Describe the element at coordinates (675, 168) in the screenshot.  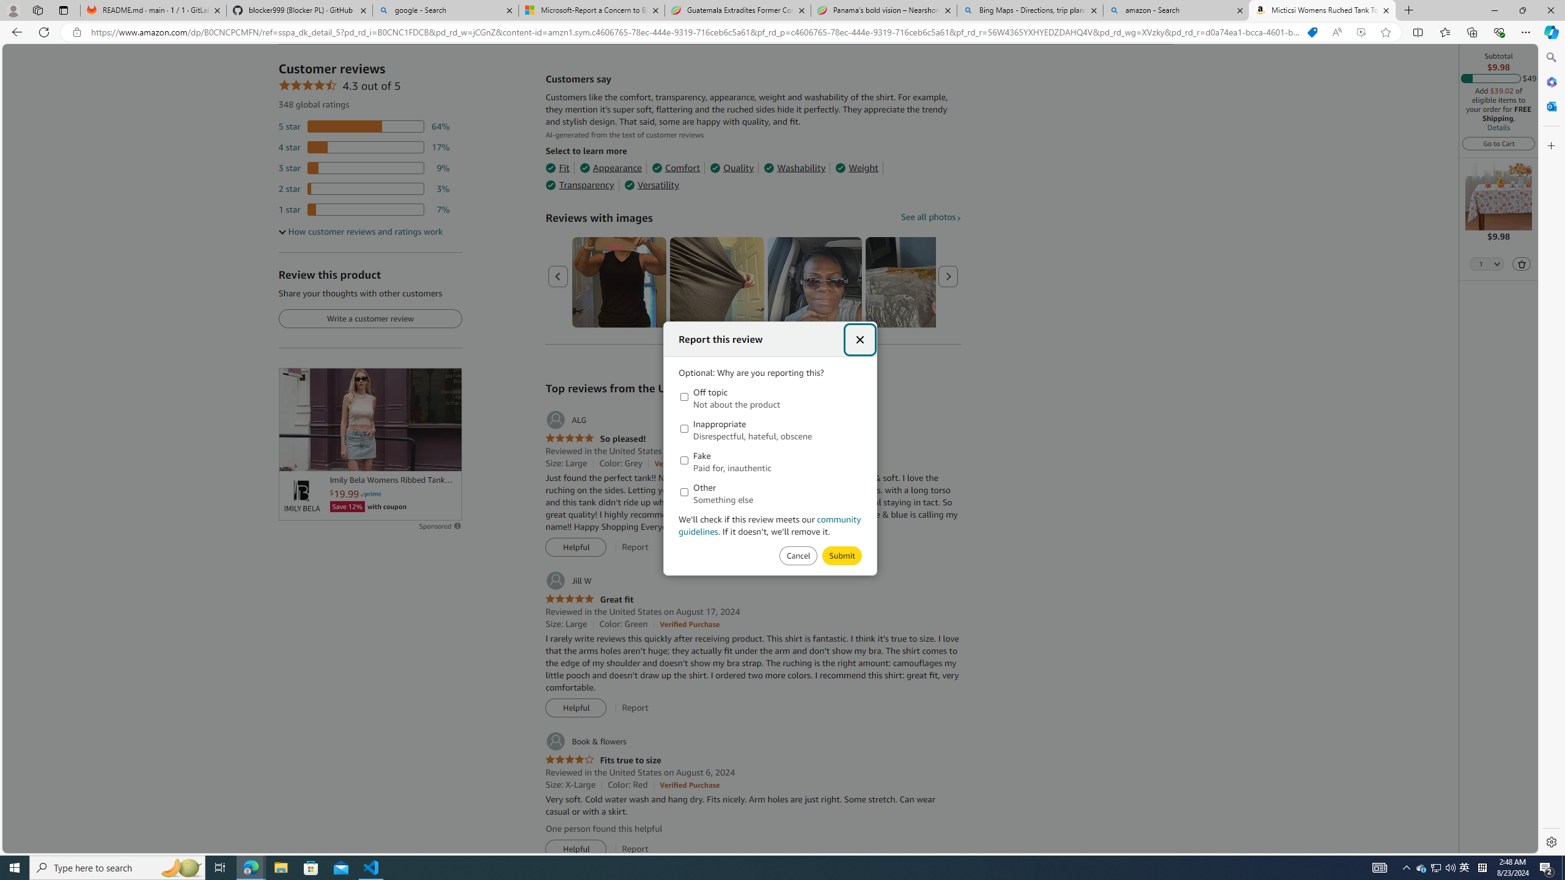
I see `'Comfort'` at that location.